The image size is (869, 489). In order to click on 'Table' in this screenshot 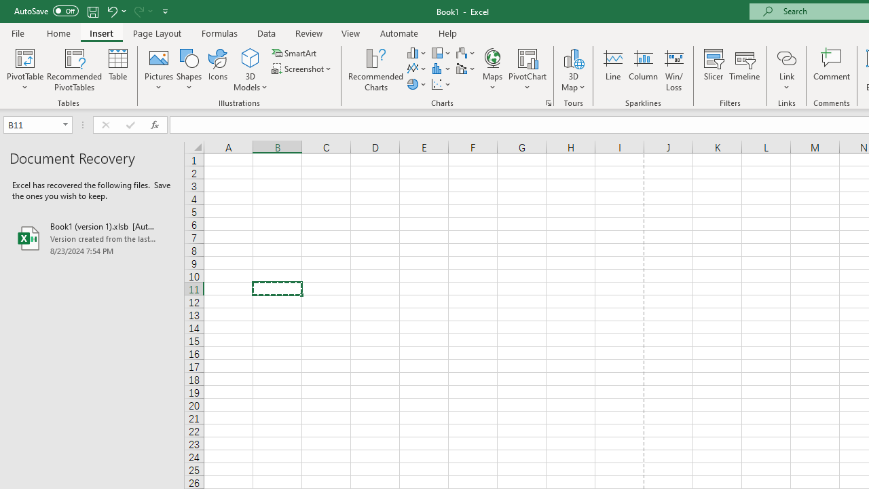, I will do `click(118, 70)`.